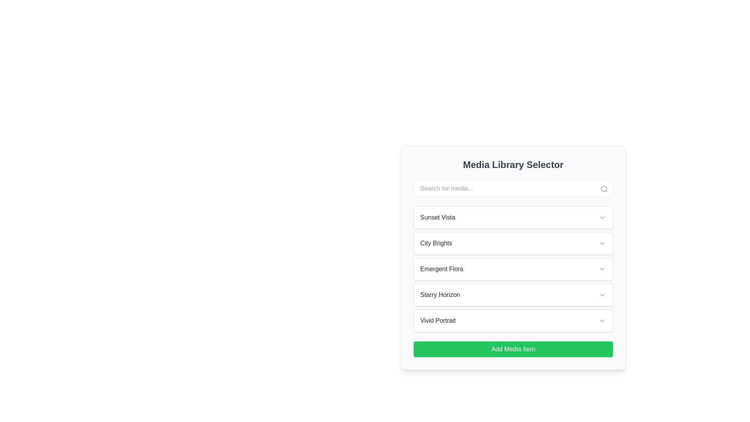 The height and width of the screenshot is (422, 750). I want to click on the text label reading 'Sunset Vista' located in the first clickable area of the 'Media Library Selector', so click(437, 217).